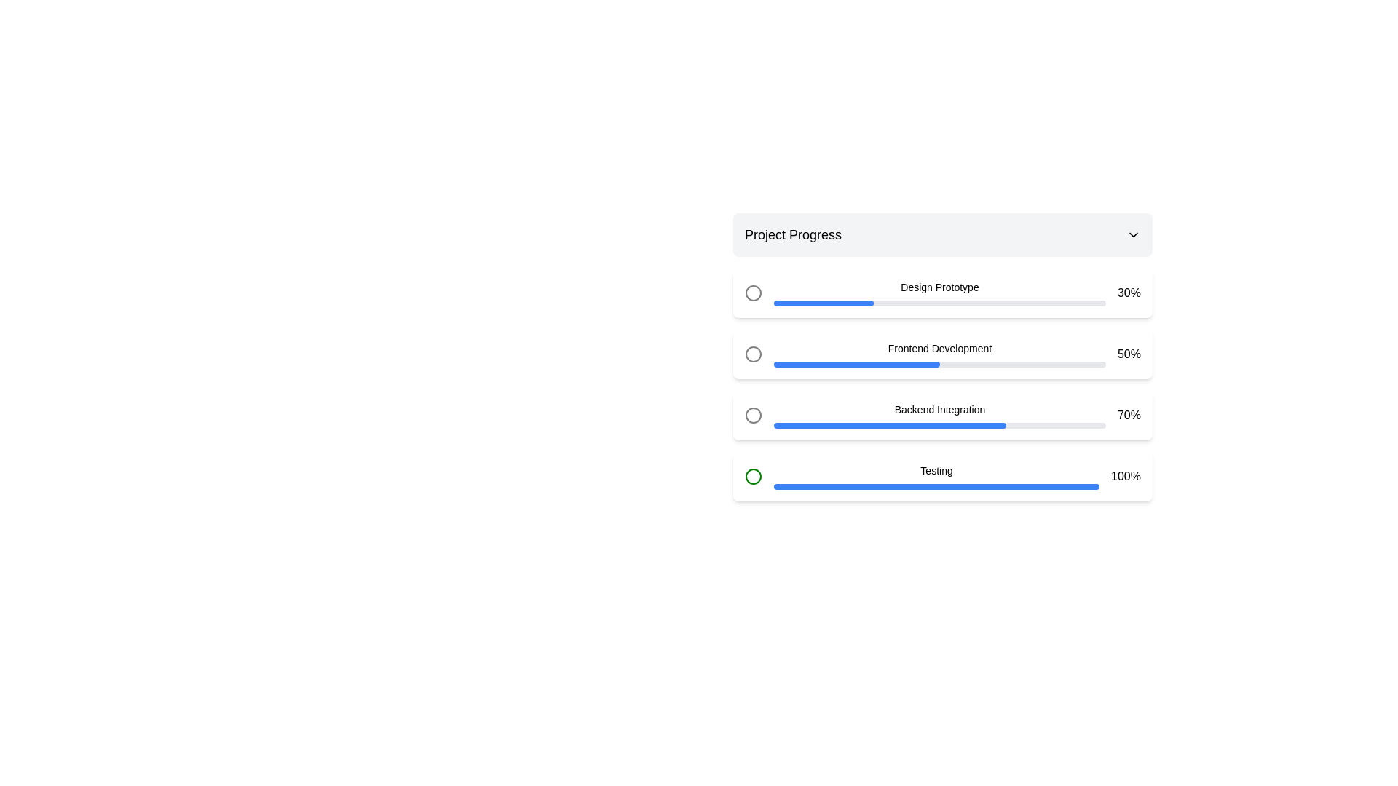 The height and width of the screenshot is (786, 1398). I want to click on the progress bar displaying the stage title 'Testing', so click(936, 477).